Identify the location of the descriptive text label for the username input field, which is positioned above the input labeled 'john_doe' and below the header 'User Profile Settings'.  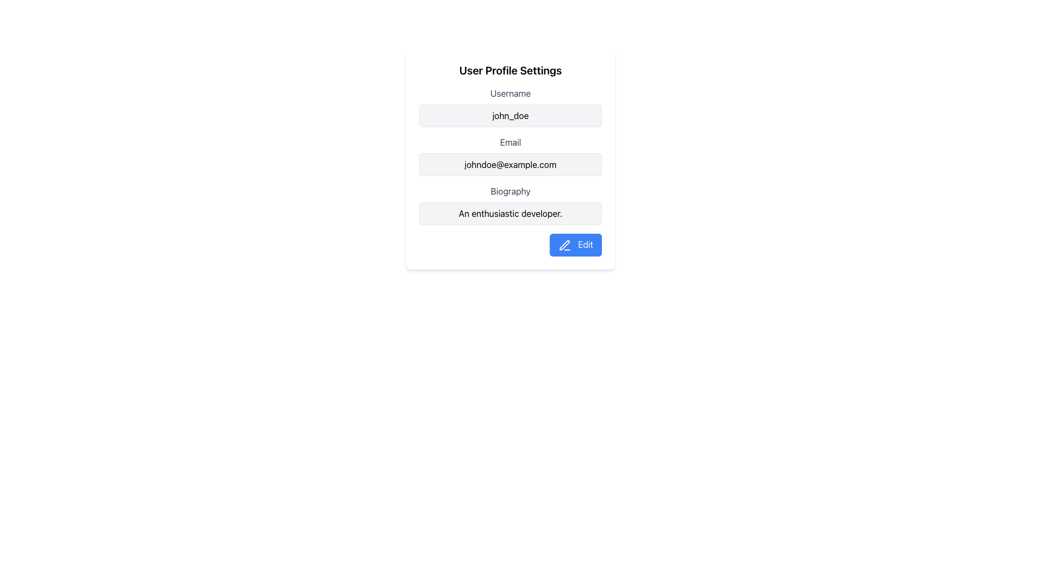
(510, 93).